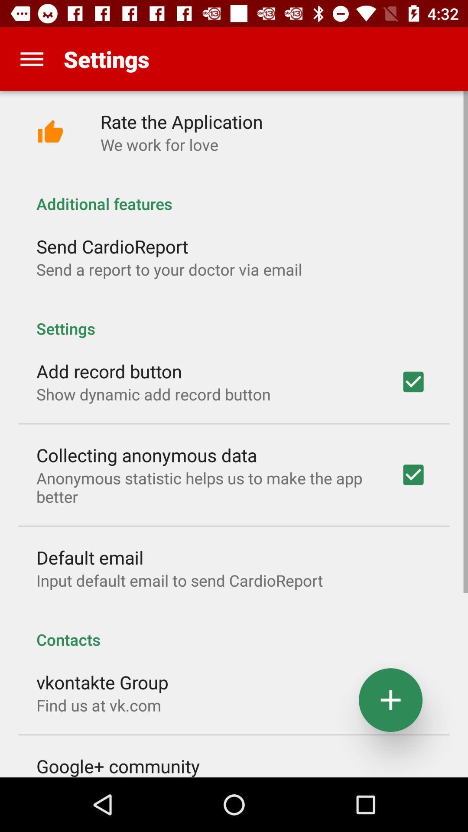 This screenshot has width=468, height=832. Describe the element at coordinates (118, 765) in the screenshot. I see `google+ community app` at that location.